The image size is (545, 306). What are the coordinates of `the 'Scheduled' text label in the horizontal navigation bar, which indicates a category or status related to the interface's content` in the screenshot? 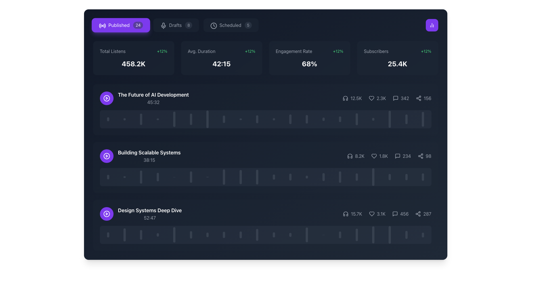 It's located at (230, 25).